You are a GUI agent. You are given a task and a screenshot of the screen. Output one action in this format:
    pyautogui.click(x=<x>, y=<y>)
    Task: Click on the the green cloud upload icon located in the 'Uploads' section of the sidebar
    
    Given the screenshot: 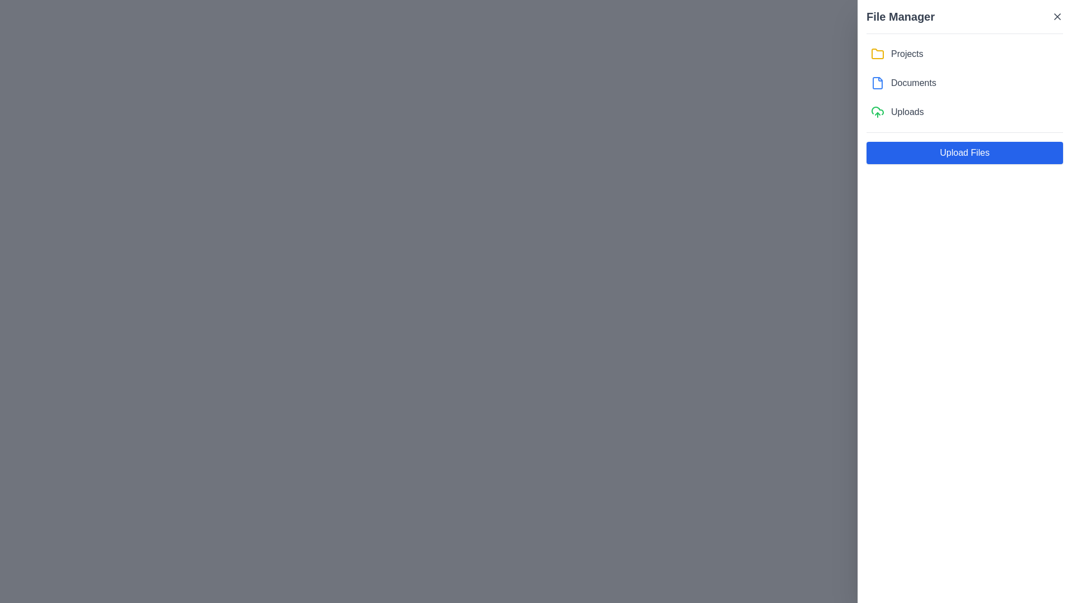 What is the action you would take?
    pyautogui.click(x=877, y=112)
    